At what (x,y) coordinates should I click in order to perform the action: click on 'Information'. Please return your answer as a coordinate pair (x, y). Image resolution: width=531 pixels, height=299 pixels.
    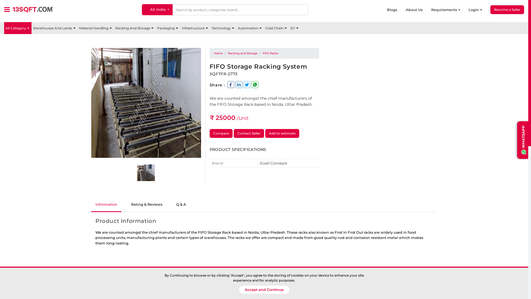
    Looking at the image, I should click on (106, 205).